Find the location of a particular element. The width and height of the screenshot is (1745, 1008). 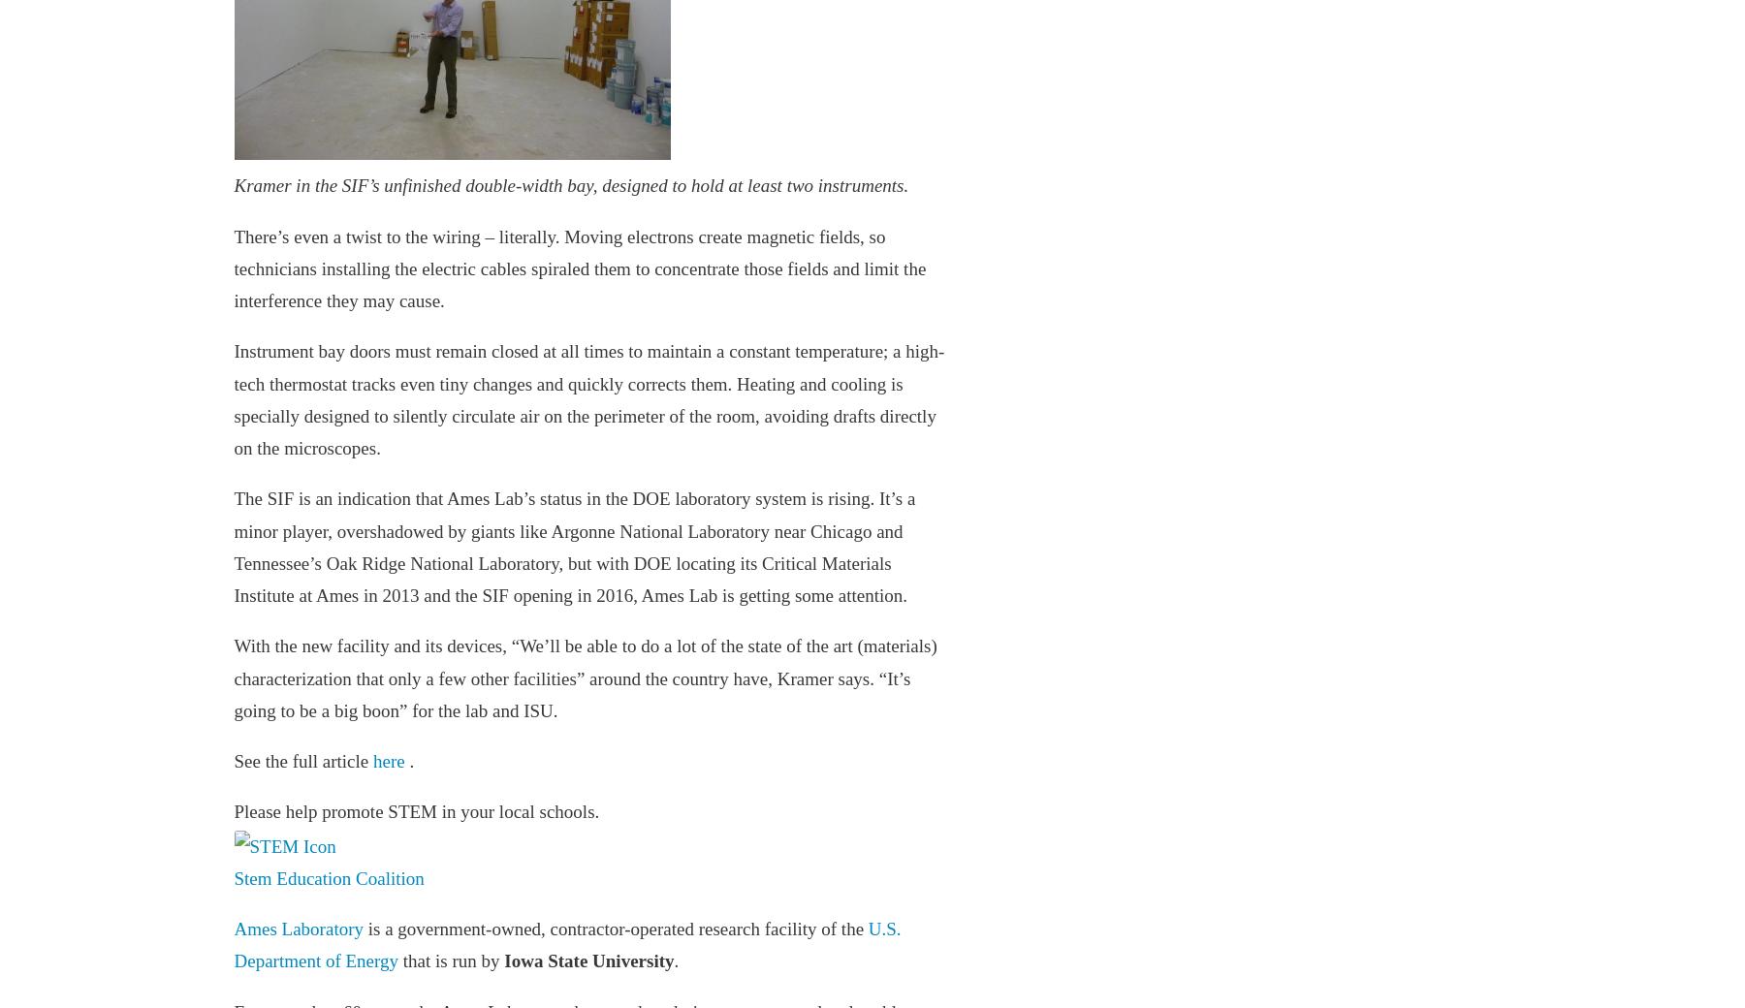

'Iowa State University' is located at coordinates (588, 961).